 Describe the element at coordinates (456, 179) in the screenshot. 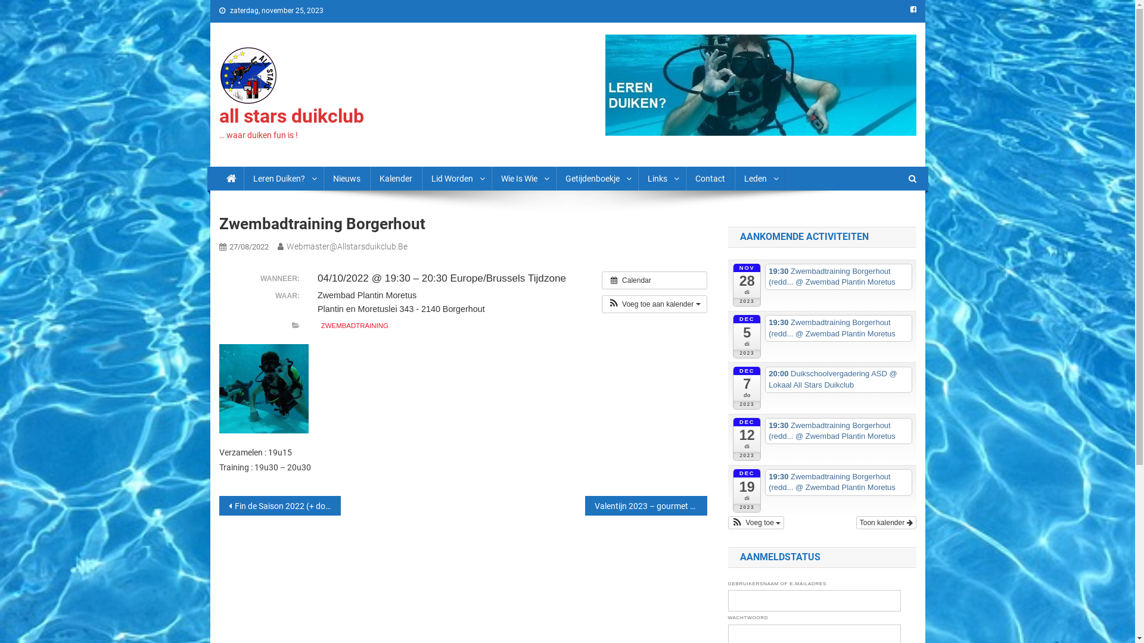

I see `'Lid Worden'` at that location.